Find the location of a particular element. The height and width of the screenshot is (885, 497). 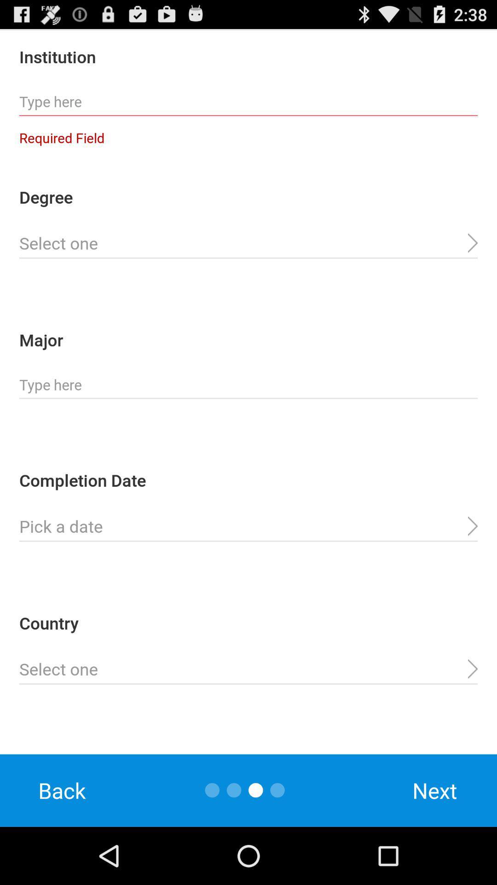

institution name is located at coordinates (248, 102).